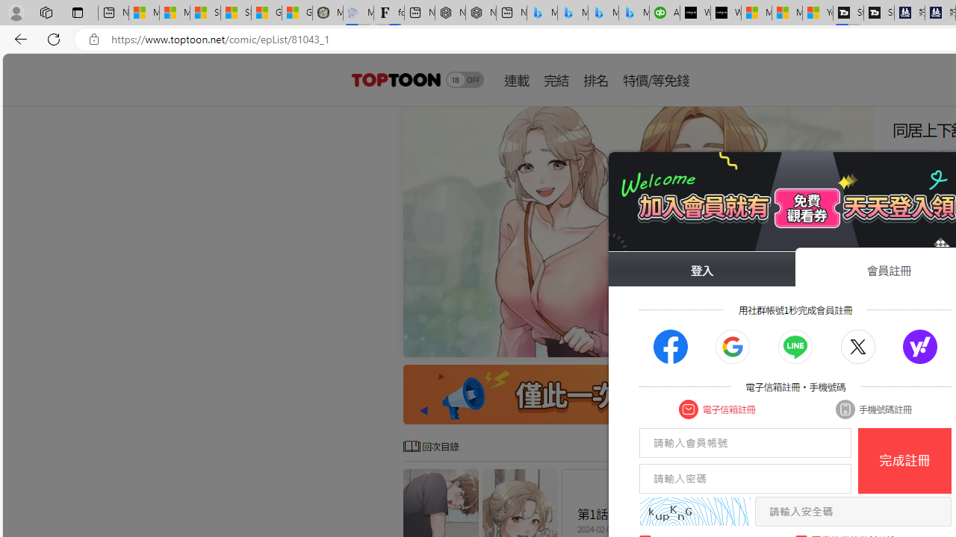 This screenshot has height=537, width=956. What do you see at coordinates (327, 13) in the screenshot?
I see `'Manatee Mortality Statistics | FWC'` at bounding box center [327, 13].